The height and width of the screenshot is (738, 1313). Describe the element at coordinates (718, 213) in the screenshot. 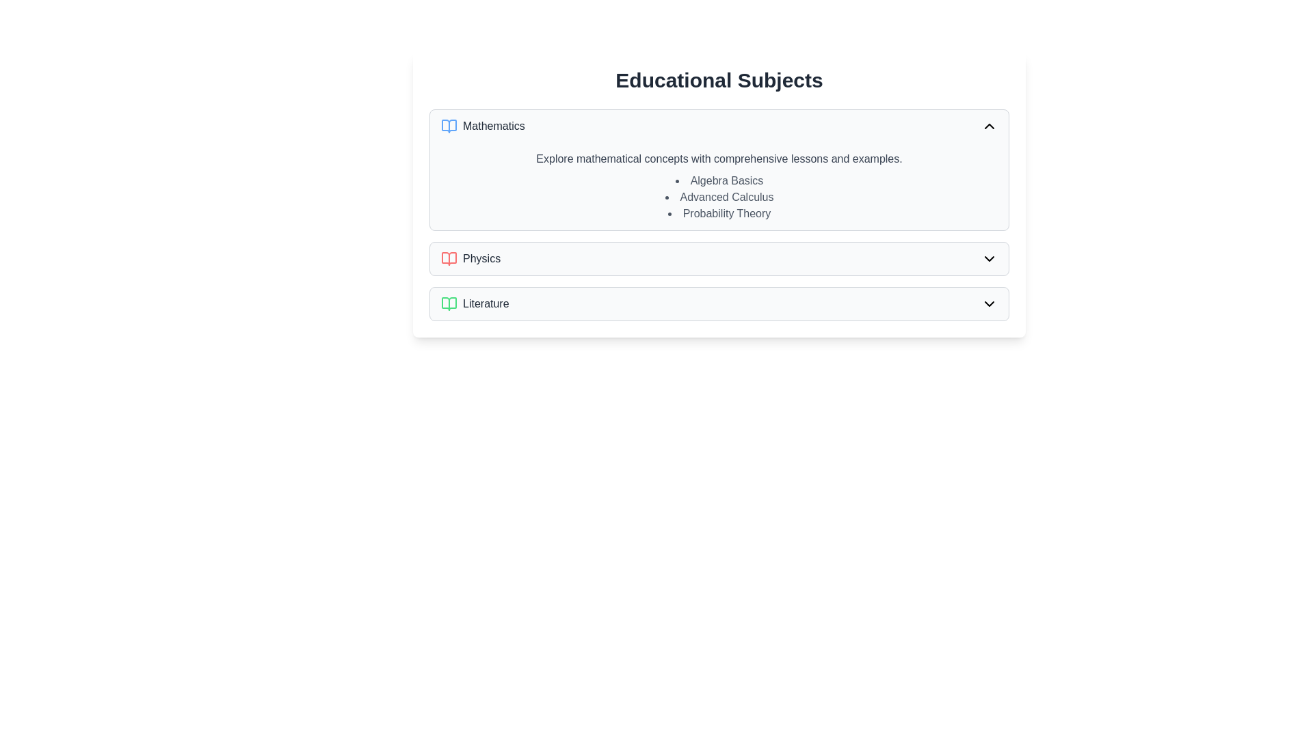

I see `the third item in the bullet-point list under the Mathematics category, which represents a section on Probability Theory` at that location.